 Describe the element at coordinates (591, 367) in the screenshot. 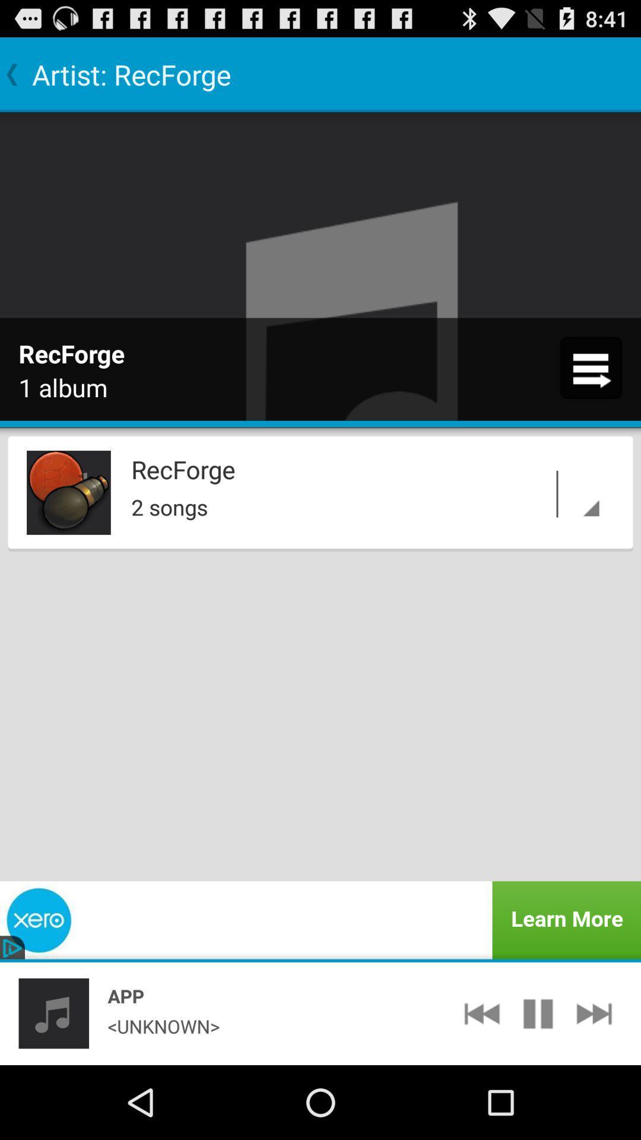

I see `icon to the right of 1 album` at that location.